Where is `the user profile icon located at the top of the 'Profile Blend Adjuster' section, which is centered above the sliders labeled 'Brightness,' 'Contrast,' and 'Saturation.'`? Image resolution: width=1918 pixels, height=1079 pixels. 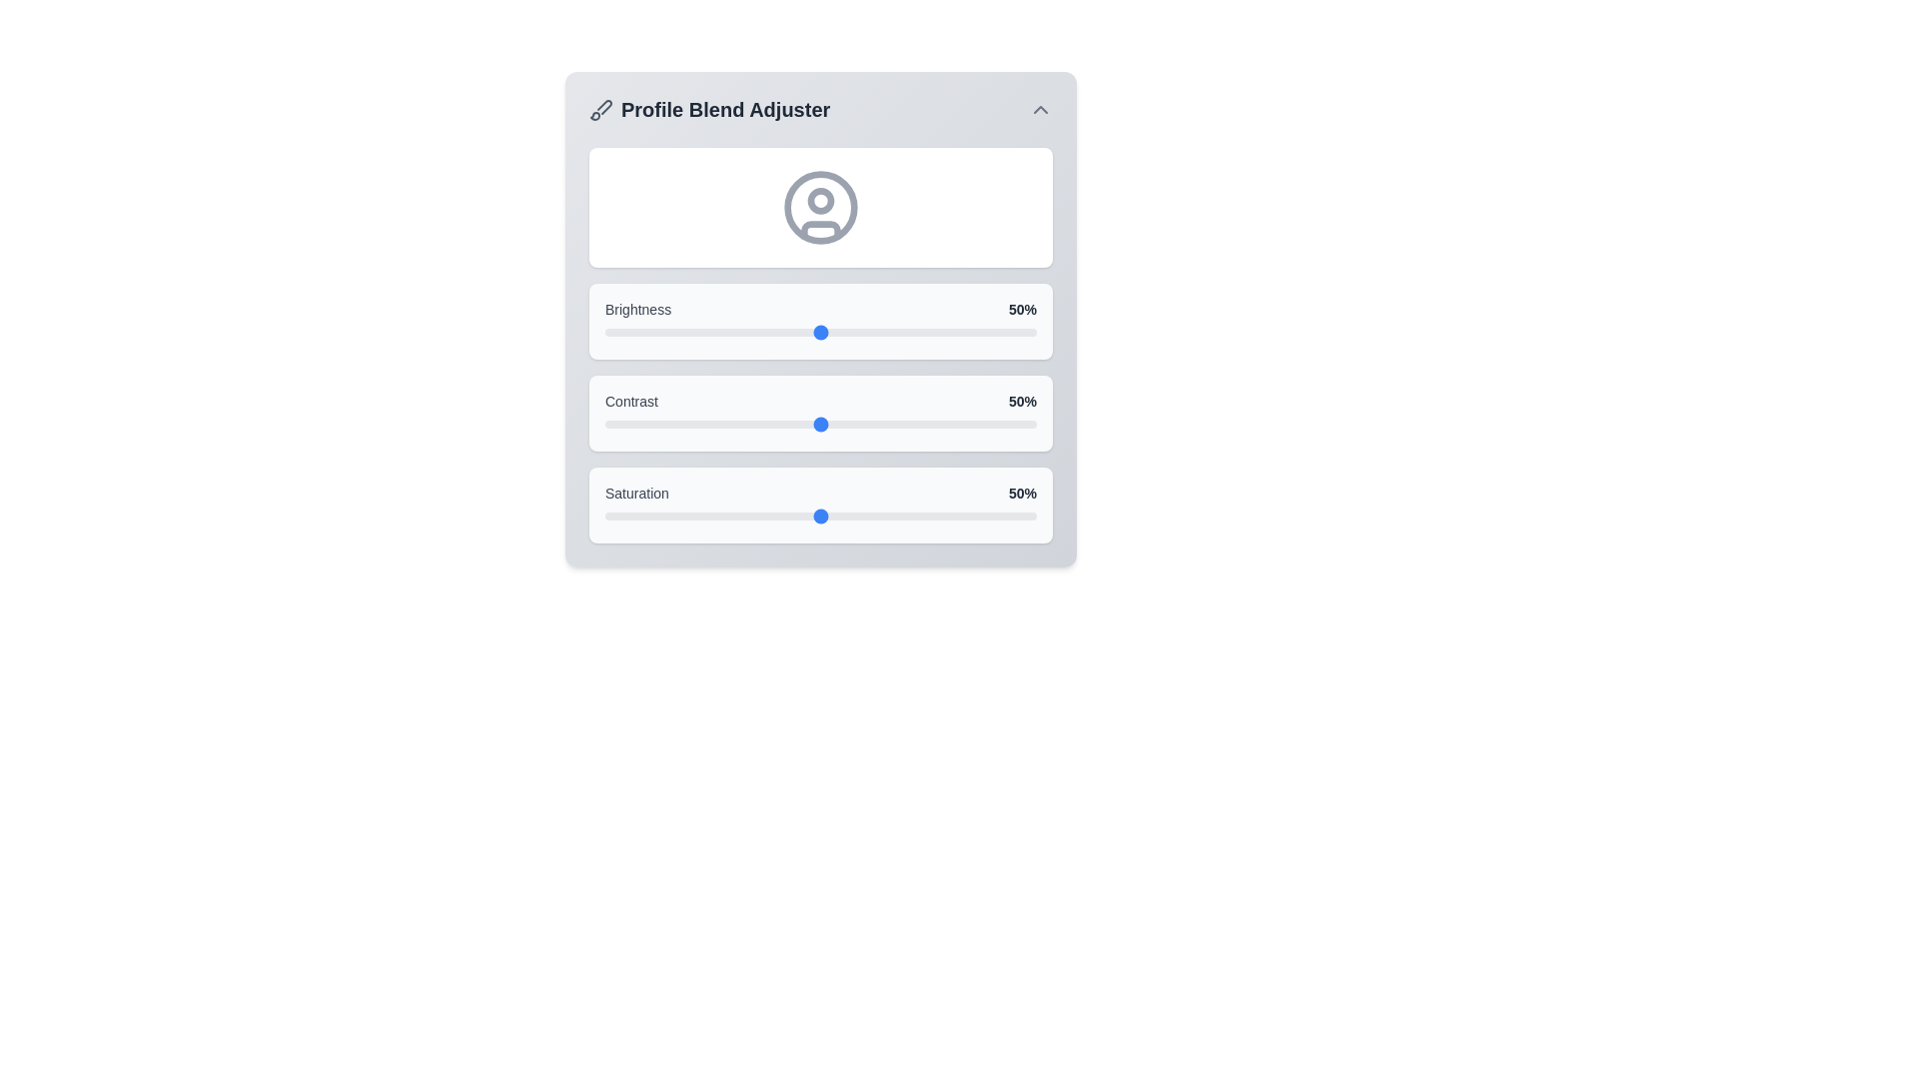
the user profile icon located at the top of the 'Profile Blend Adjuster' section, which is centered above the sliders labeled 'Brightness,' 'Contrast,' and 'Saturation.' is located at coordinates (820, 208).